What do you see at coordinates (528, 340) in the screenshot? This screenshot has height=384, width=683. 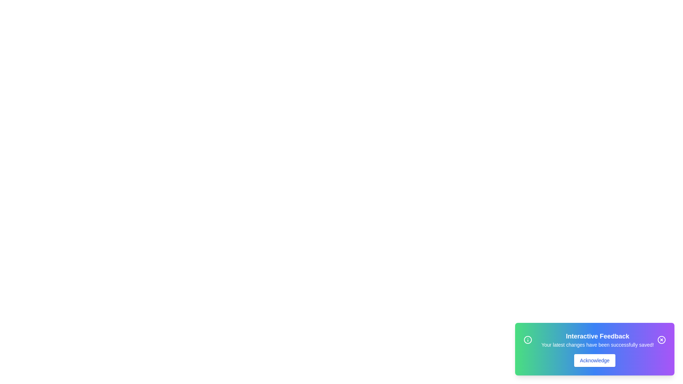 I see `the decorative SVG circle located within the notification panel, centered in a 24x24 pixel bounding box` at bounding box center [528, 340].